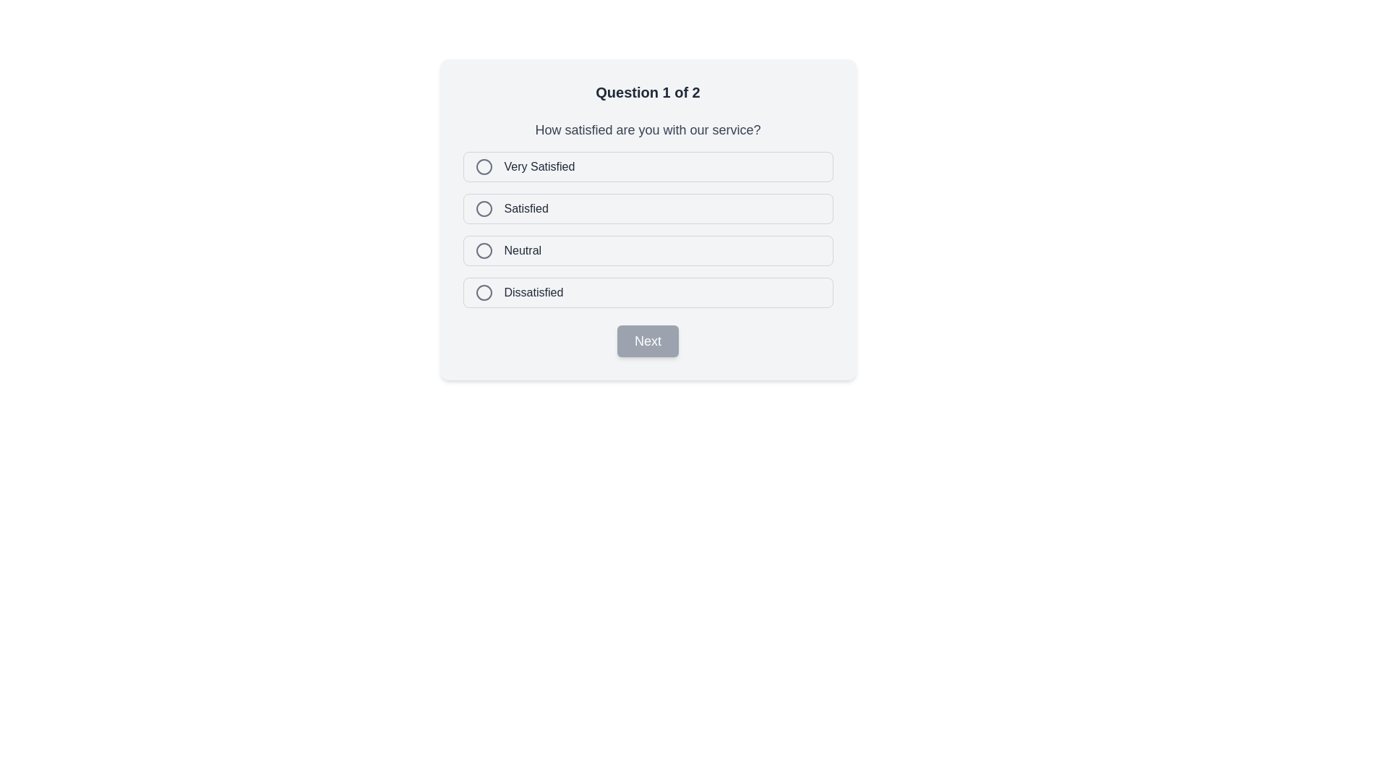 This screenshot has width=1388, height=781. I want to click on the text label displaying 'Neutral', which is styled in gray color and positioned to the right of the circular radio button in the third option of the satisfaction choices questionnaire, so click(522, 250).